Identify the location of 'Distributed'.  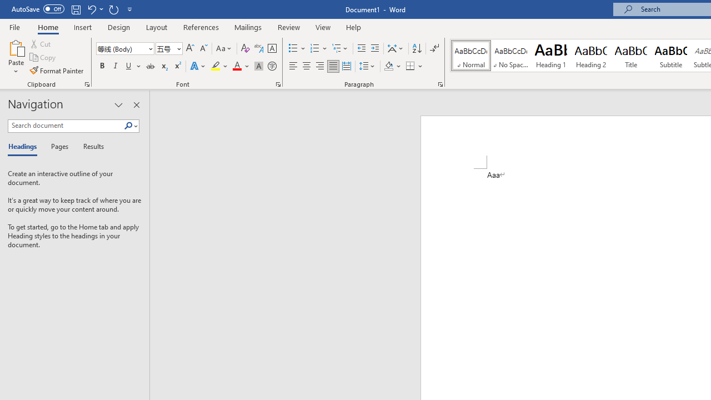
(346, 66).